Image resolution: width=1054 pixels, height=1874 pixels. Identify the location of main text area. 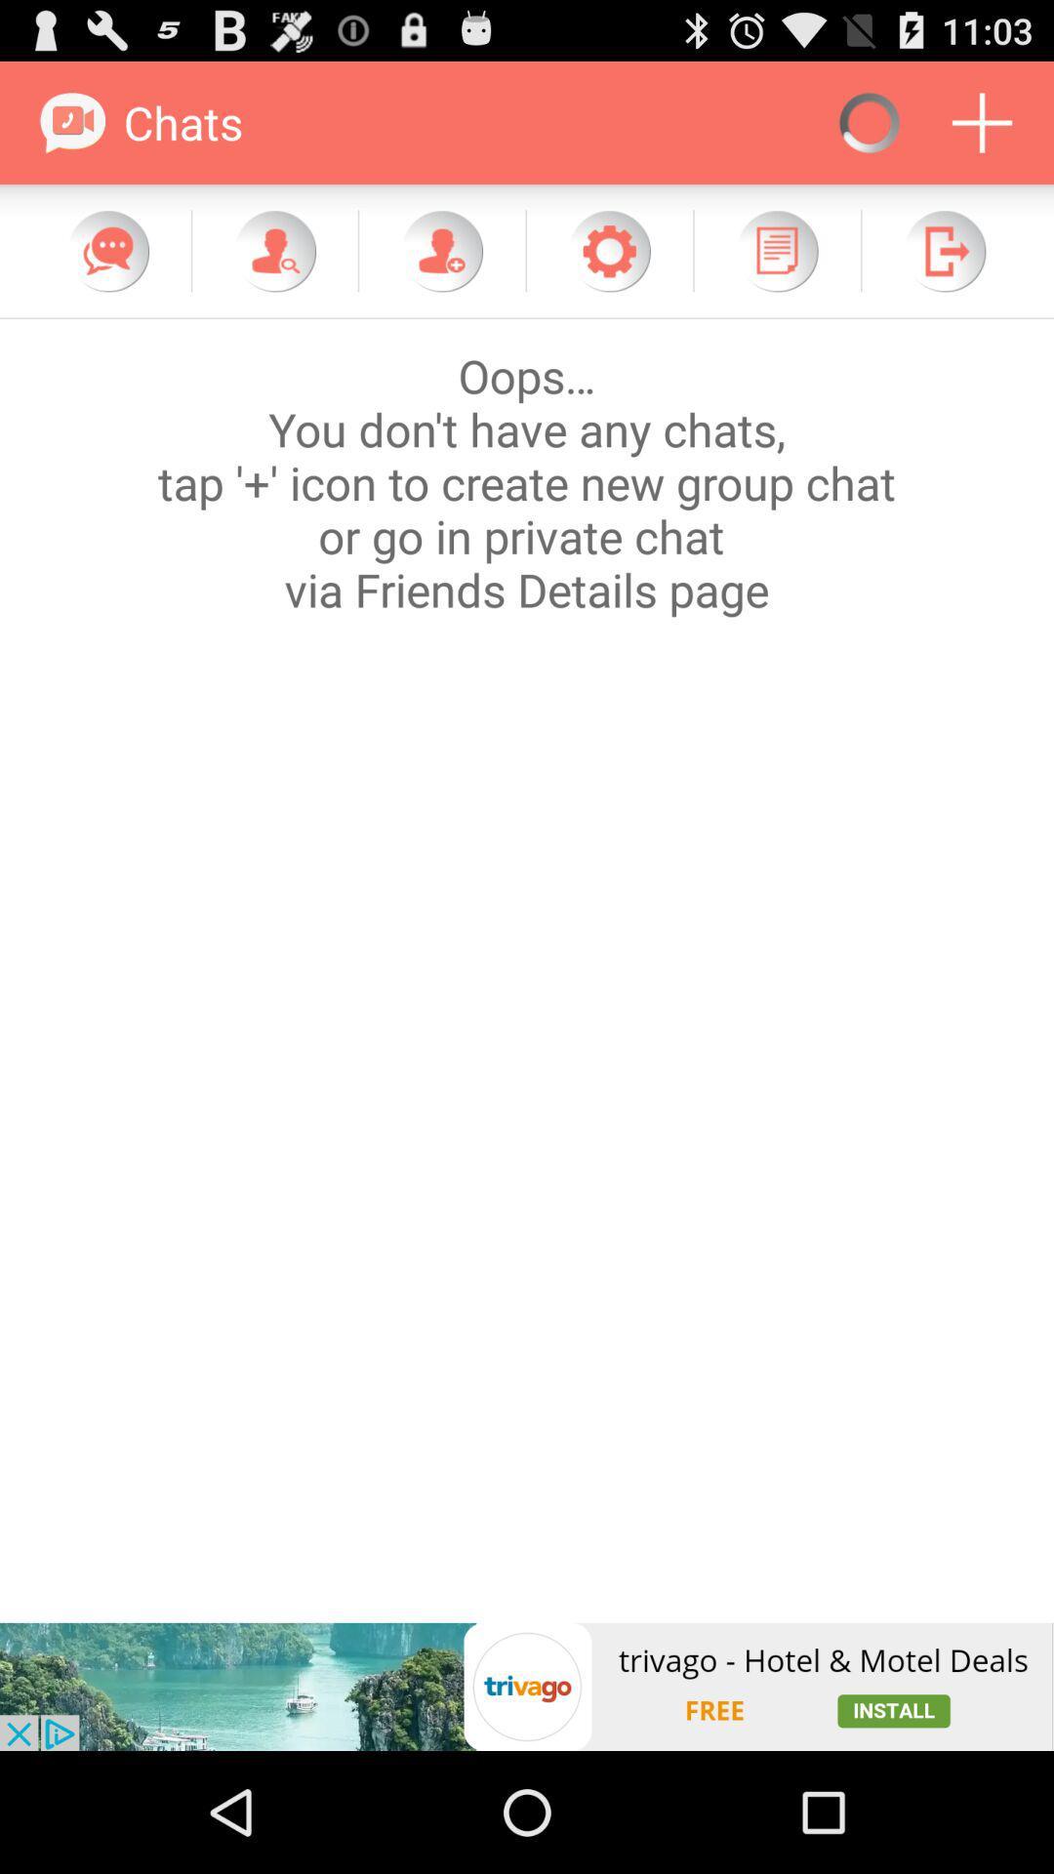
(527, 970).